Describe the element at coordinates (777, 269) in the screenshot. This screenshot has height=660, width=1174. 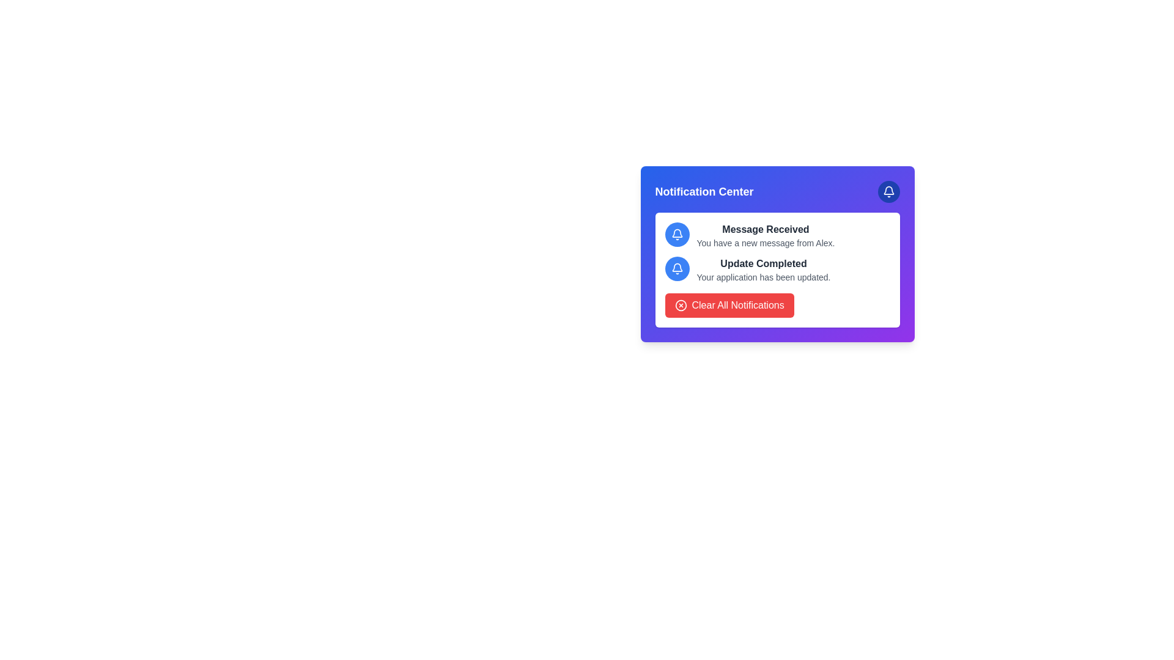
I see `the second notification item in the notification center, which informs the user of a successful application update` at that location.